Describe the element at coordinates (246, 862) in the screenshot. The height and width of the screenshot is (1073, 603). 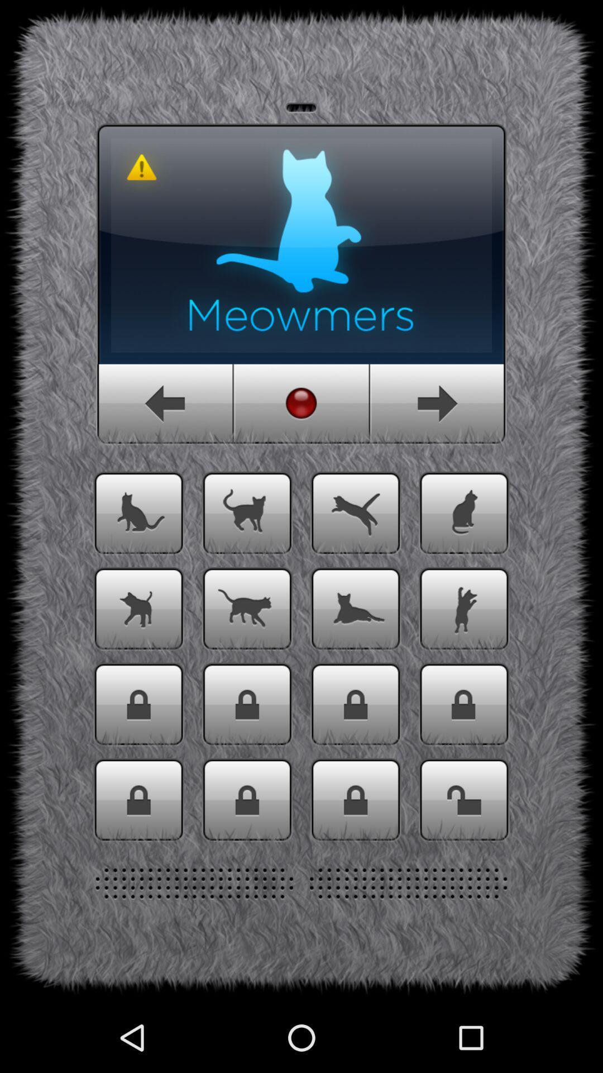
I see `the lock icon` at that location.